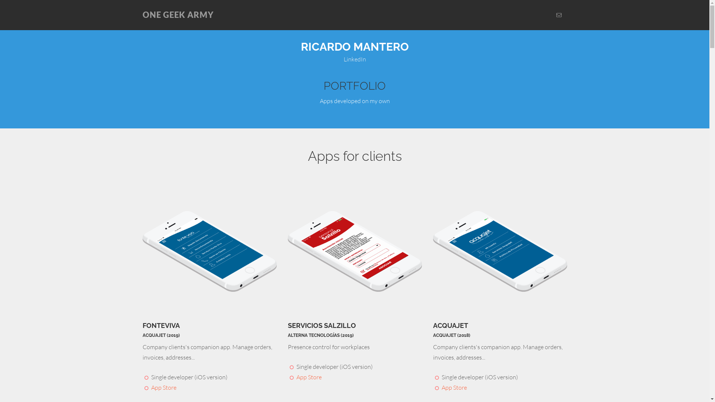 This screenshot has width=715, height=402. What do you see at coordinates (151, 387) in the screenshot?
I see `'App Store'` at bounding box center [151, 387].